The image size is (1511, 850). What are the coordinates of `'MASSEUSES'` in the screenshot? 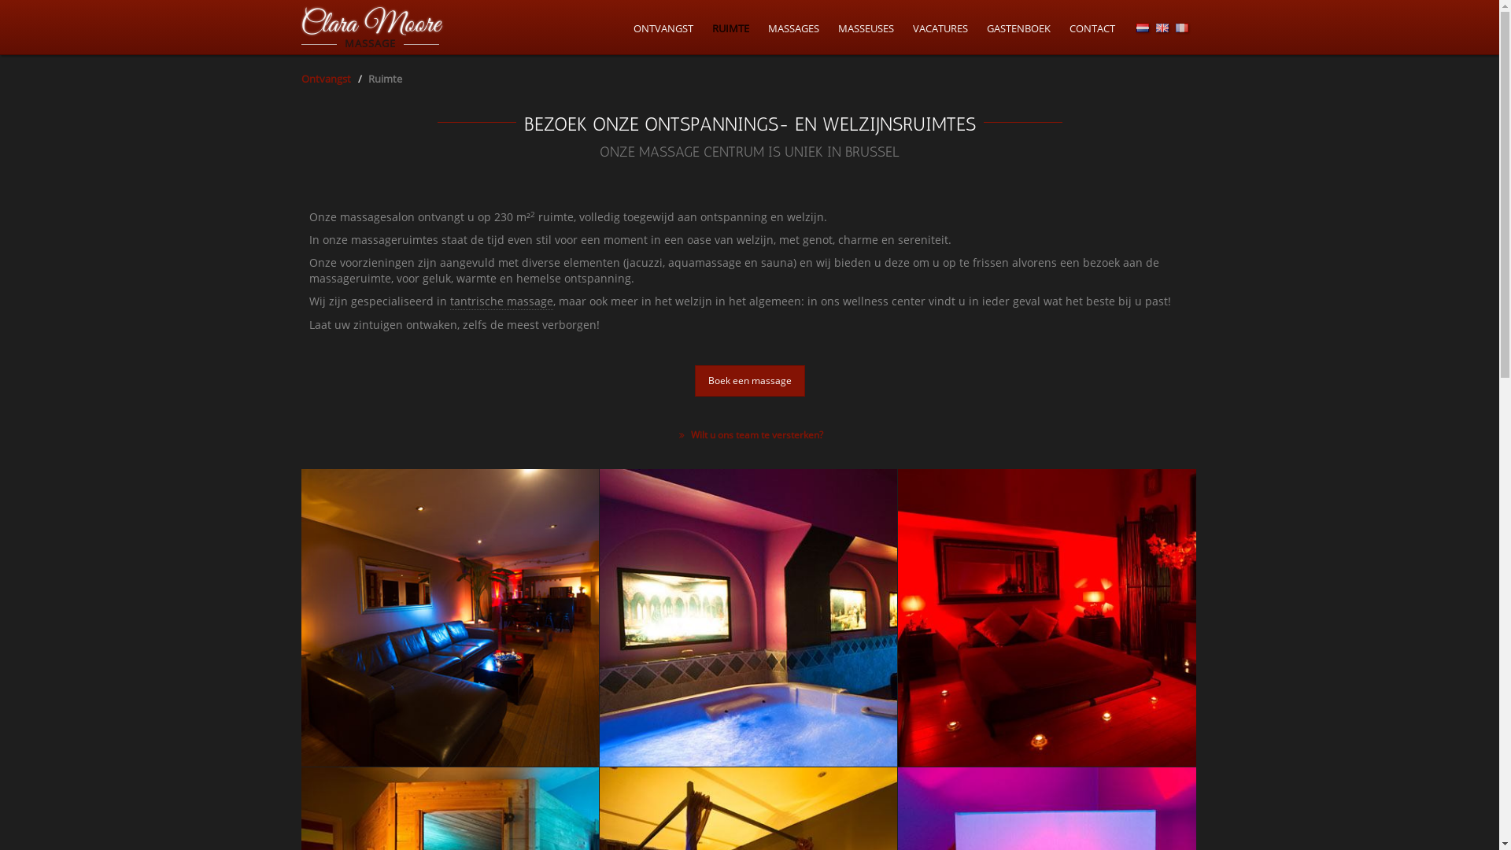 It's located at (837, 28).